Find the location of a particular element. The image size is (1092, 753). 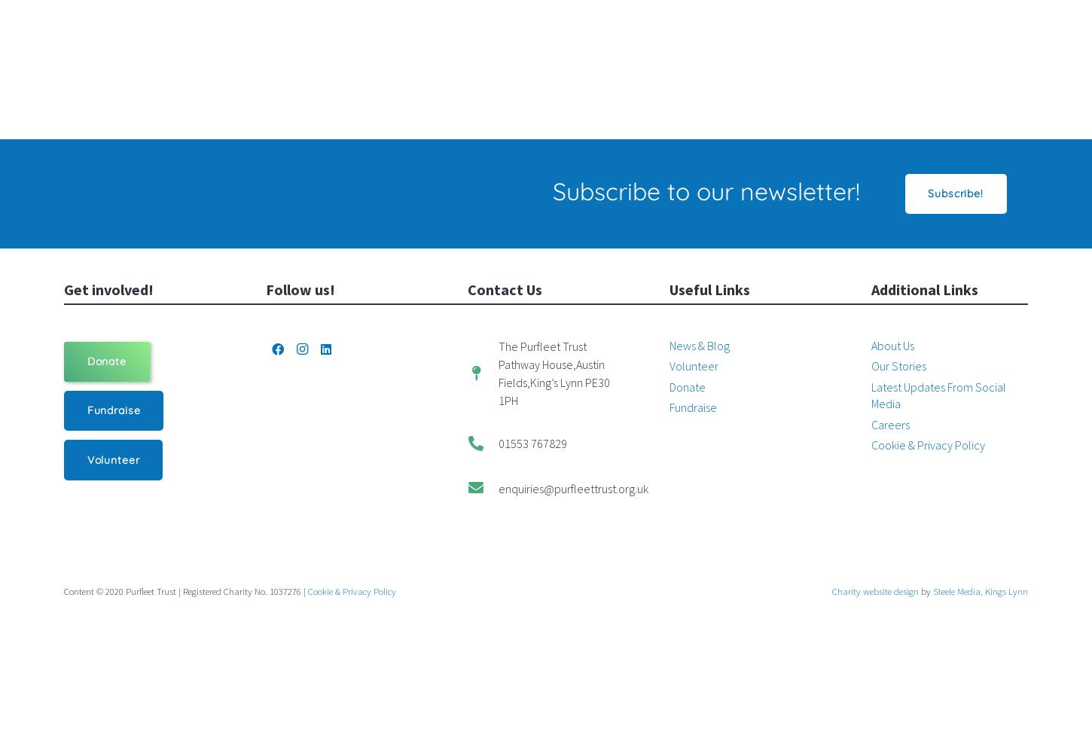

'01553 767829' is located at coordinates (532, 443).